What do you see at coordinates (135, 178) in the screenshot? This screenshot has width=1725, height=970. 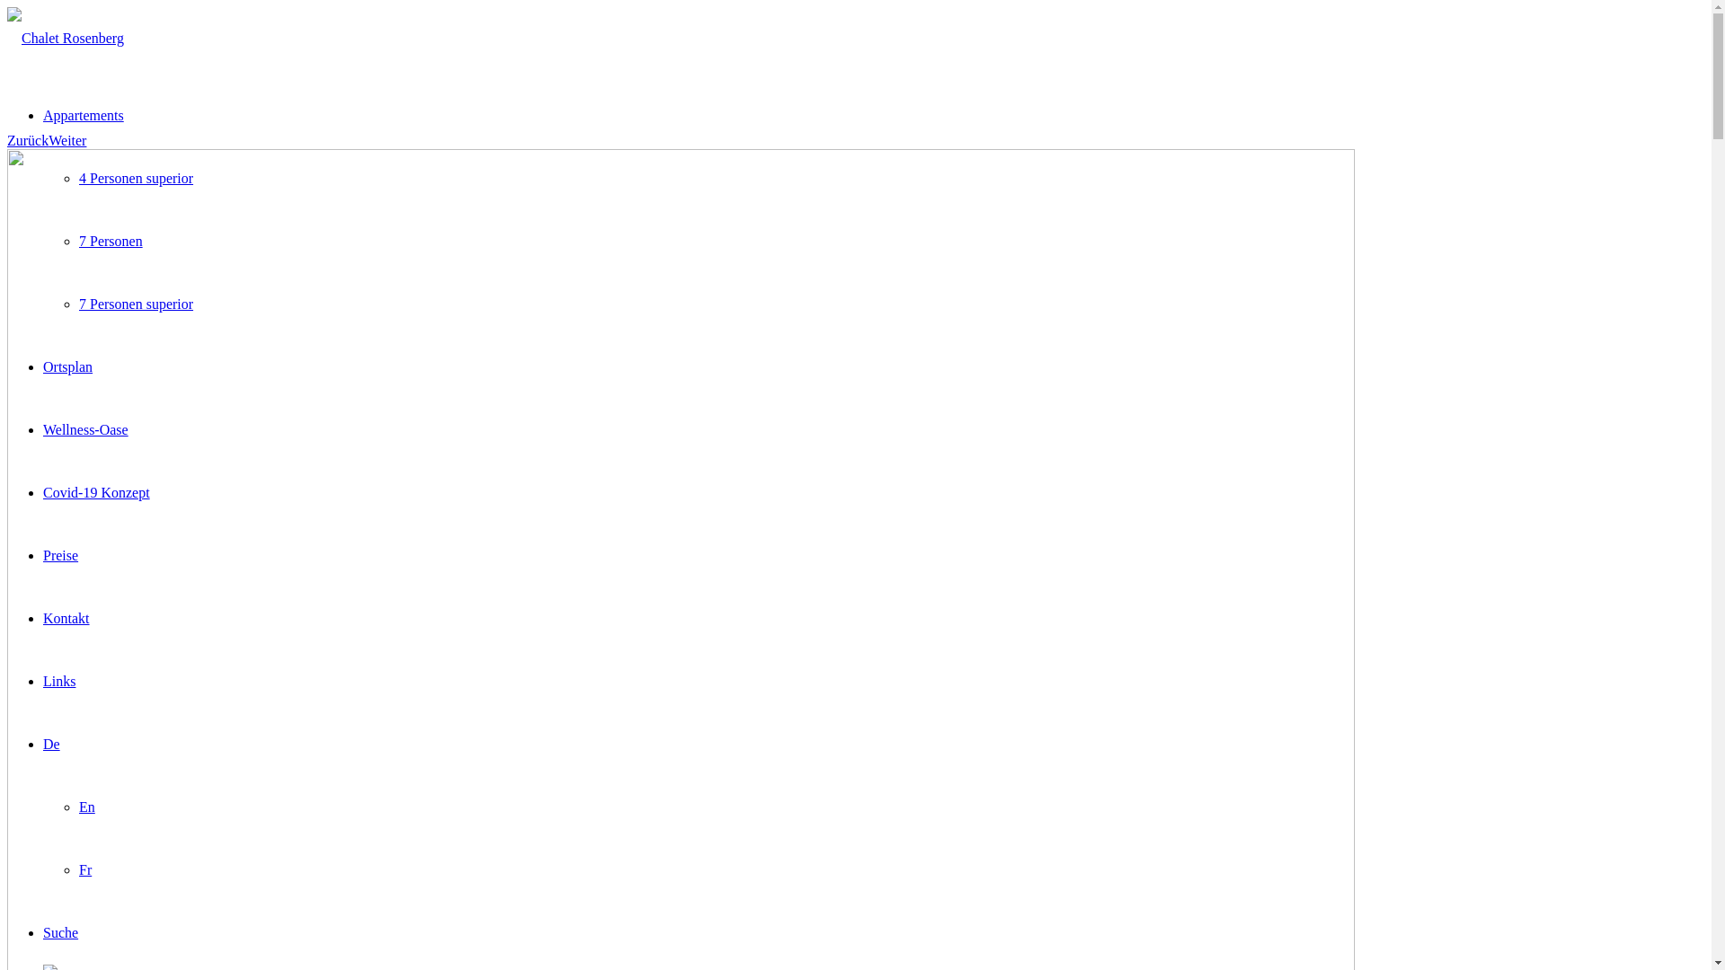 I see `'4 Personen superior'` at bounding box center [135, 178].